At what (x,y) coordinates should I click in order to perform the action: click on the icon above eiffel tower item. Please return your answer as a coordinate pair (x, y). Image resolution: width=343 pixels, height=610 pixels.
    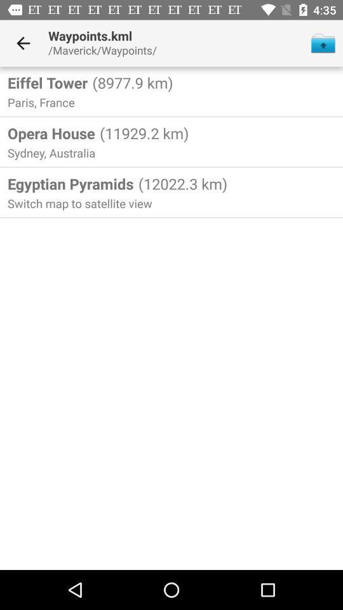
    Looking at the image, I should click on (23, 43).